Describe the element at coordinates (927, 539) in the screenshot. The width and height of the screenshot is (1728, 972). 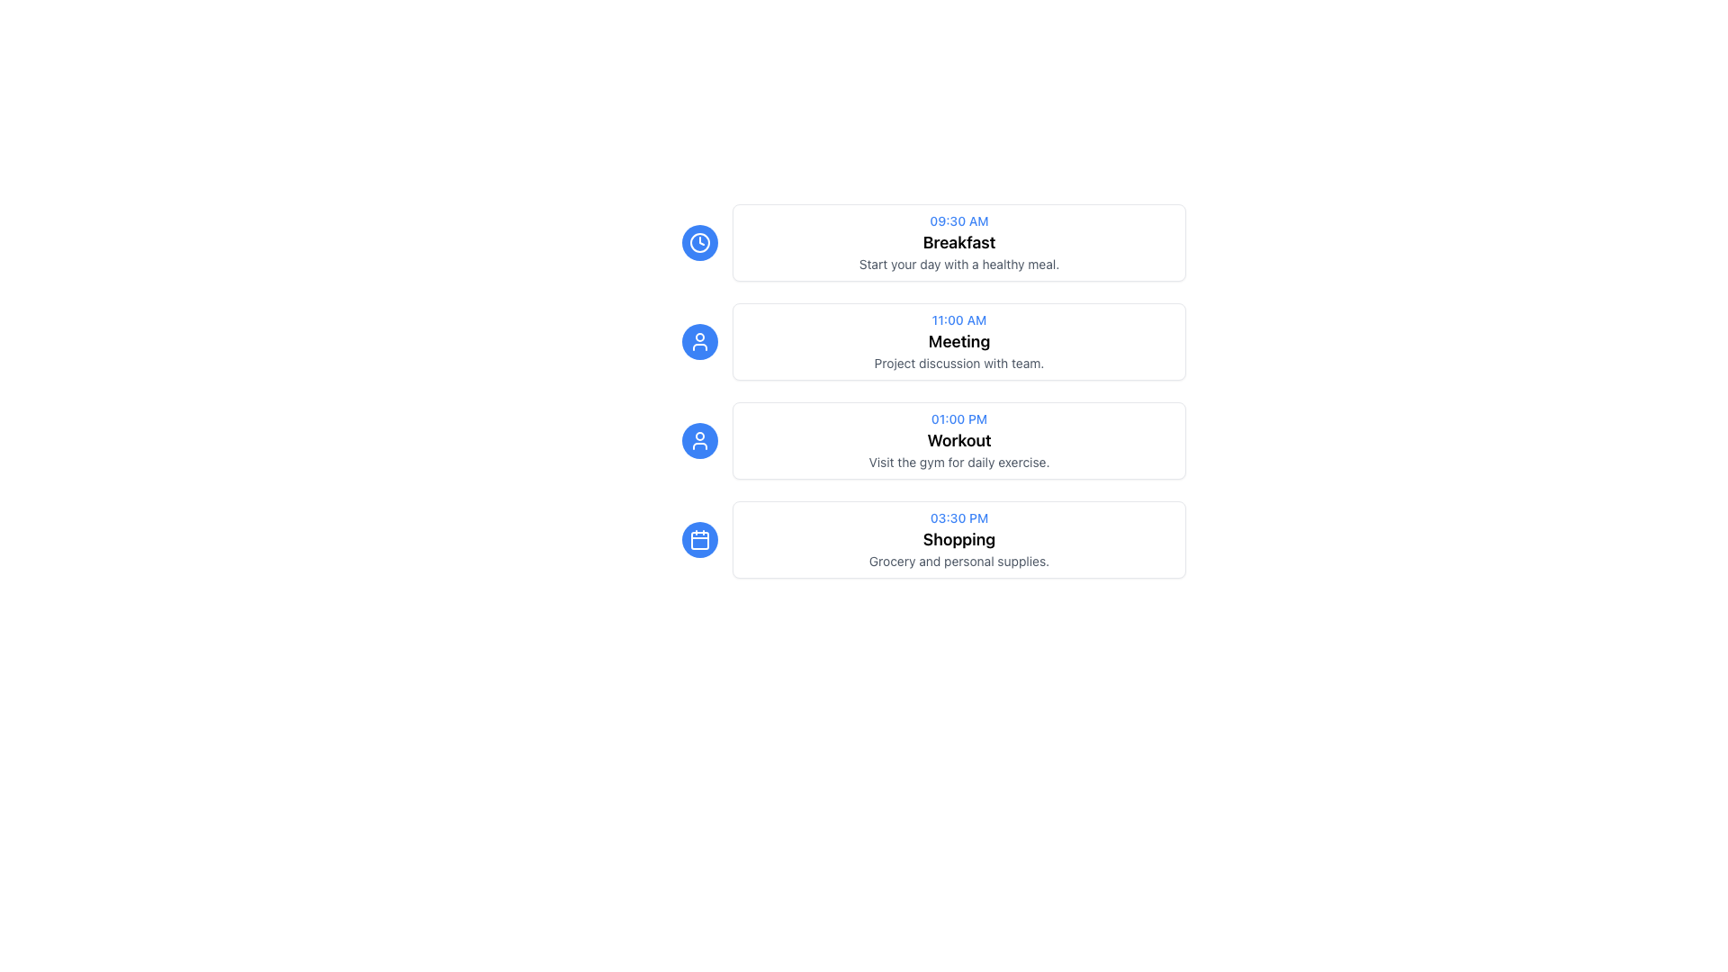
I see `the fourth scheduled event entry in the list, which features a blue timestamp ('03:30 PM'), a bold title ('Shopping'), and a lighter description ('Grocery and personal supplies')` at that location.